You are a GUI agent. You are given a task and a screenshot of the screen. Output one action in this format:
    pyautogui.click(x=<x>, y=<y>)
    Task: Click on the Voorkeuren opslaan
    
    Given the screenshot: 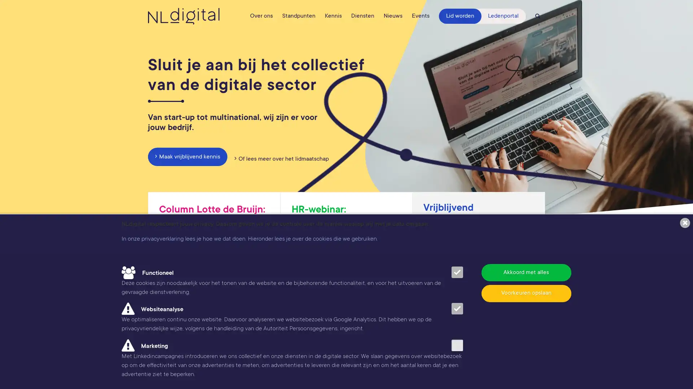 What is the action you would take?
    pyautogui.click(x=526, y=293)
    